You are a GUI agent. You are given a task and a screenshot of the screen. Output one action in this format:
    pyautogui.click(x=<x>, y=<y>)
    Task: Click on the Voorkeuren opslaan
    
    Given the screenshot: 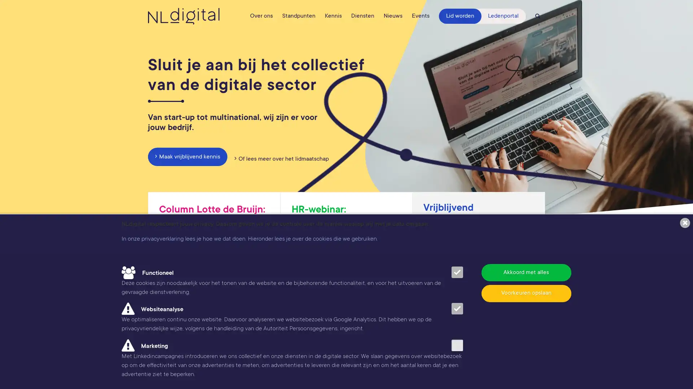 What is the action you would take?
    pyautogui.click(x=526, y=293)
    